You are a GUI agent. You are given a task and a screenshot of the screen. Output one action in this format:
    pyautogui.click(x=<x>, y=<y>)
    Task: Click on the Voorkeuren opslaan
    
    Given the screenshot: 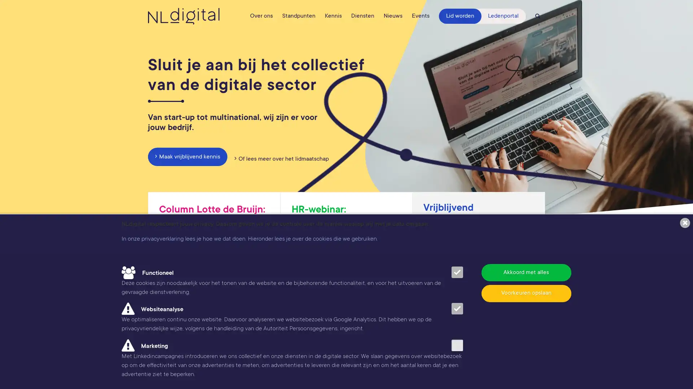 What is the action you would take?
    pyautogui.click(x=526, y=293)
    